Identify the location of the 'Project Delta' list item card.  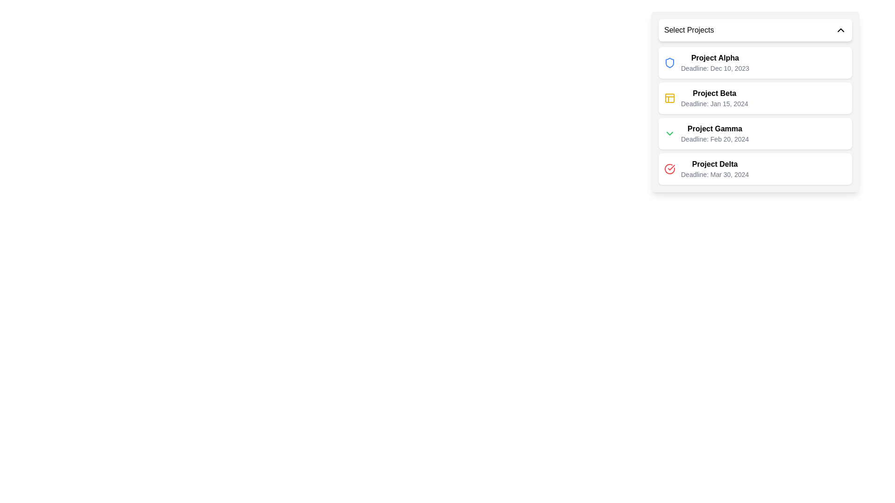
(755, 169).